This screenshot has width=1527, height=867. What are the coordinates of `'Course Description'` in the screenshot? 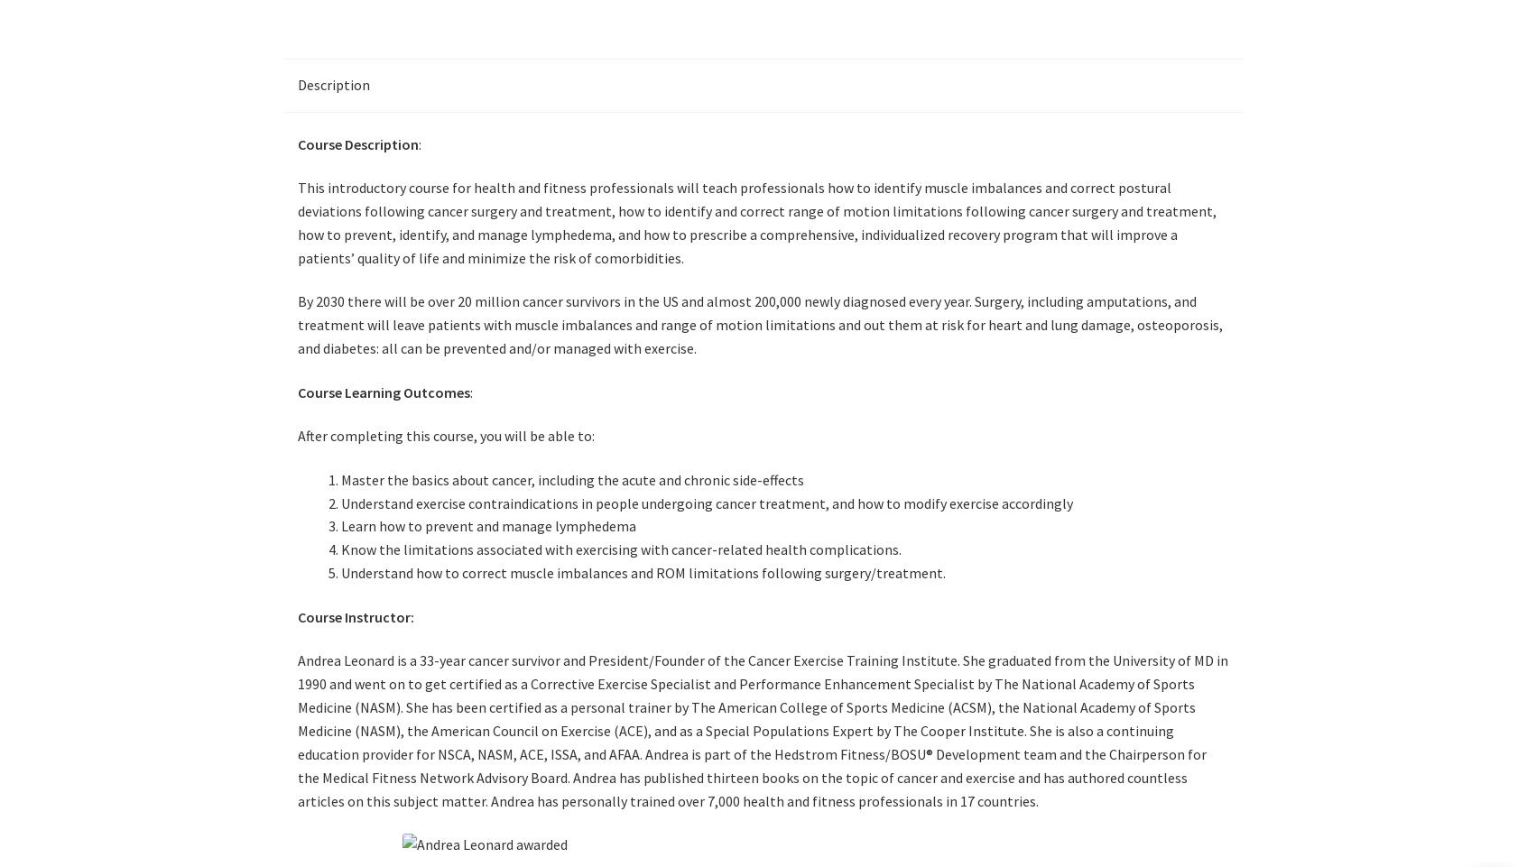 It's located at (357, 143).